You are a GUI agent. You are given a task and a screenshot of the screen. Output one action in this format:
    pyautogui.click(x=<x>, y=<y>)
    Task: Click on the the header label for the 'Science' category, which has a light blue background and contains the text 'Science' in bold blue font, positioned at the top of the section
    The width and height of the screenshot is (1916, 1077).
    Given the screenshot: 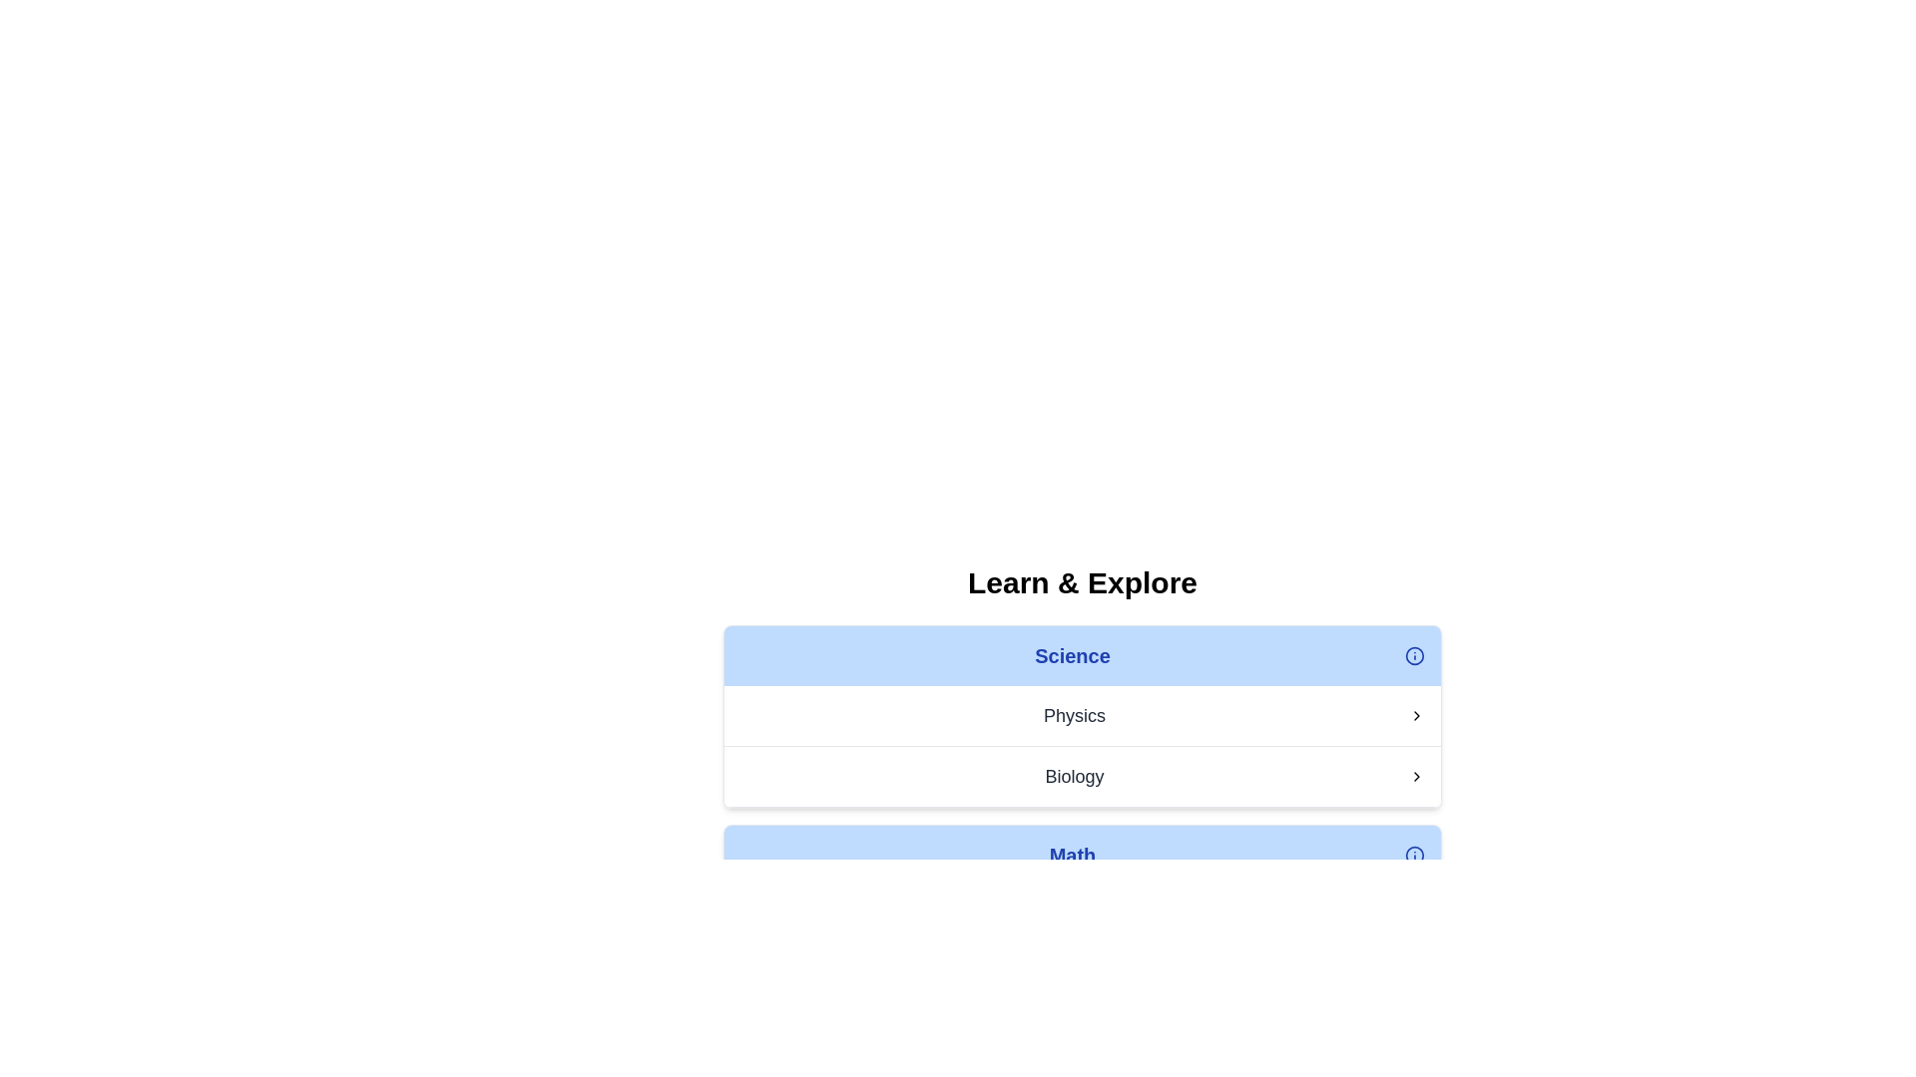 What is the action you would take?
    pyautogui.click(x=1081, y=656)
    